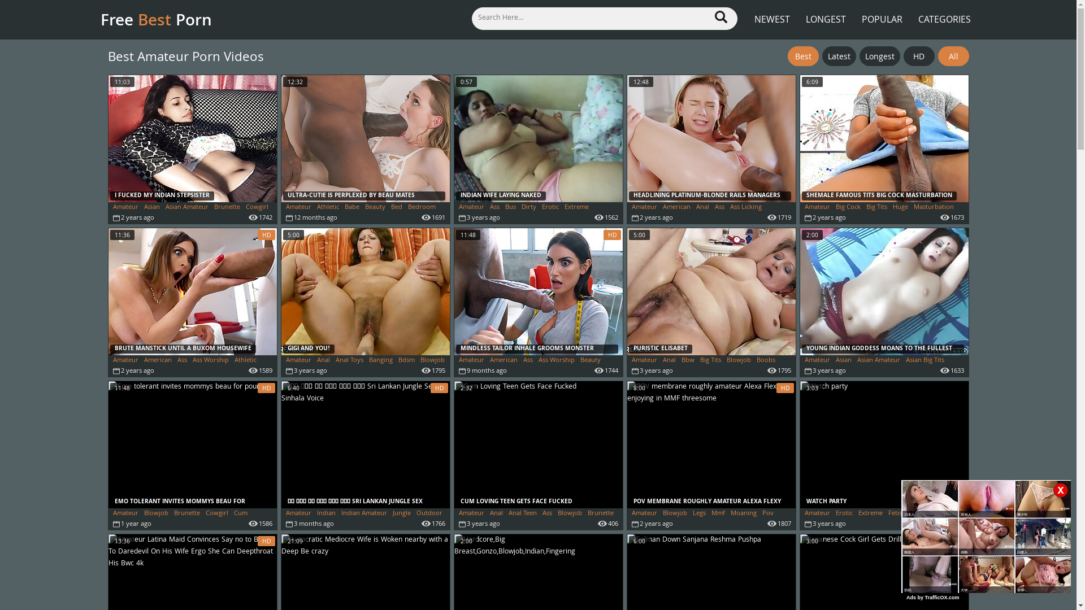 This screenshot has width=1085, height=610. Describe the element at coordinates (244, 360) in the screenshot. I see `'Athletic'` at that location.